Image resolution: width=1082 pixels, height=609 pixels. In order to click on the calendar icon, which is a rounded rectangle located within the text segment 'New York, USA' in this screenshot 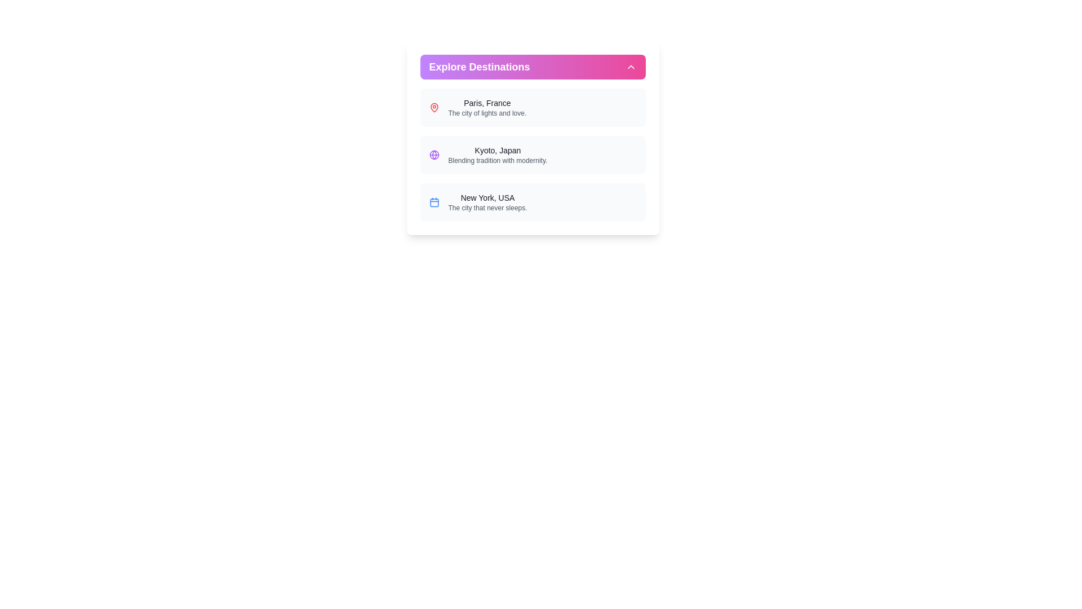, I will do `click(433, 202)`.